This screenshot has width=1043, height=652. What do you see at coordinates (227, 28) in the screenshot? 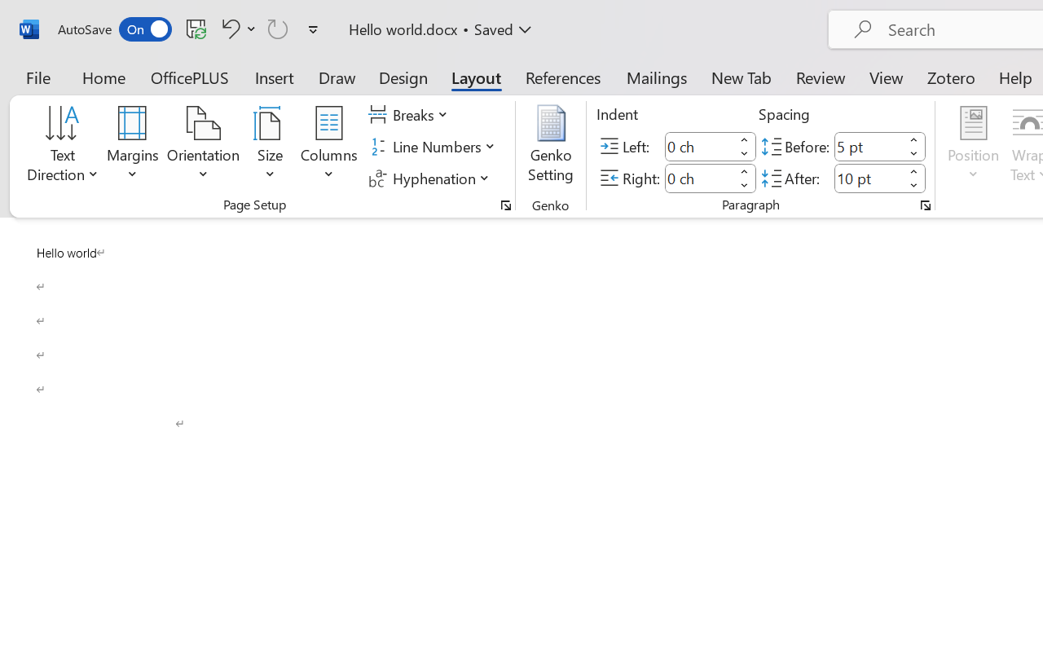
I see `'Undo Subscript'` at bounding box center [227, 28].